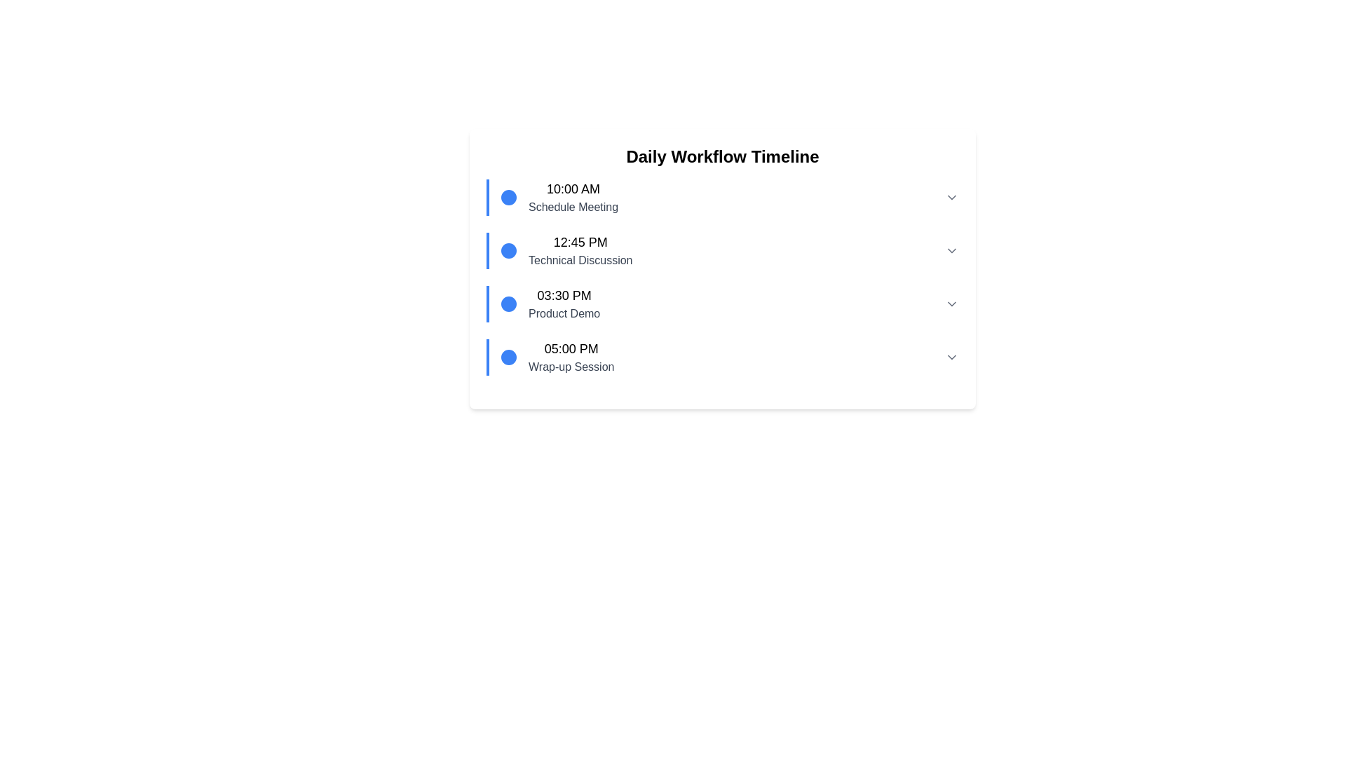  Describe the element at coordinates (508, 197) in the screenshot. I see `the first circular blue icon associated with the '10:00 AM Schedule Meeting' event` at that location.